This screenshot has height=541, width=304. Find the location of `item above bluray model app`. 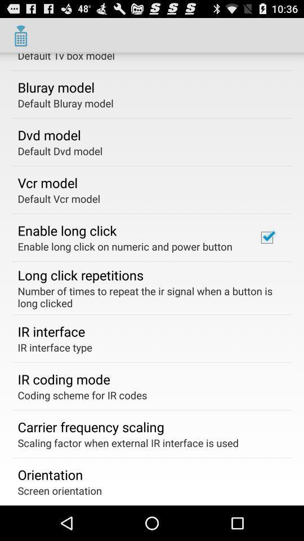

item above bluray model app is located at coordinates (66, 57).